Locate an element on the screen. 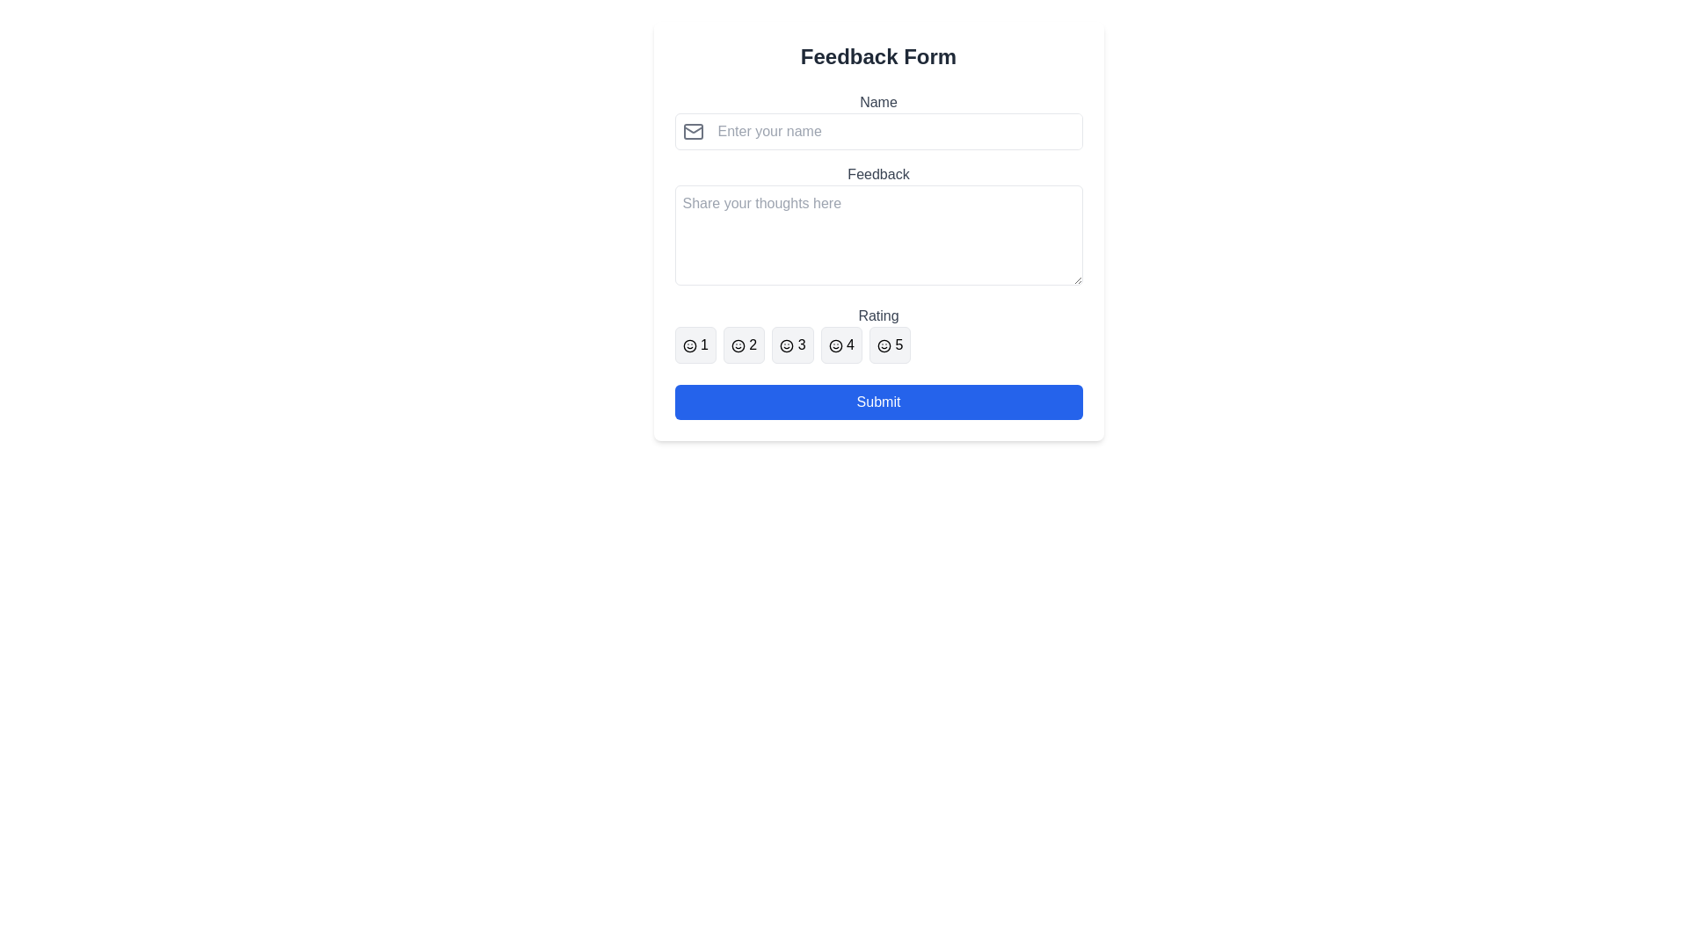 This screenshot has height=949, width=1688. the fourth clickable smiley icon, which is a small circular icon featuring a smiling face is located at coordinates (834, 345).